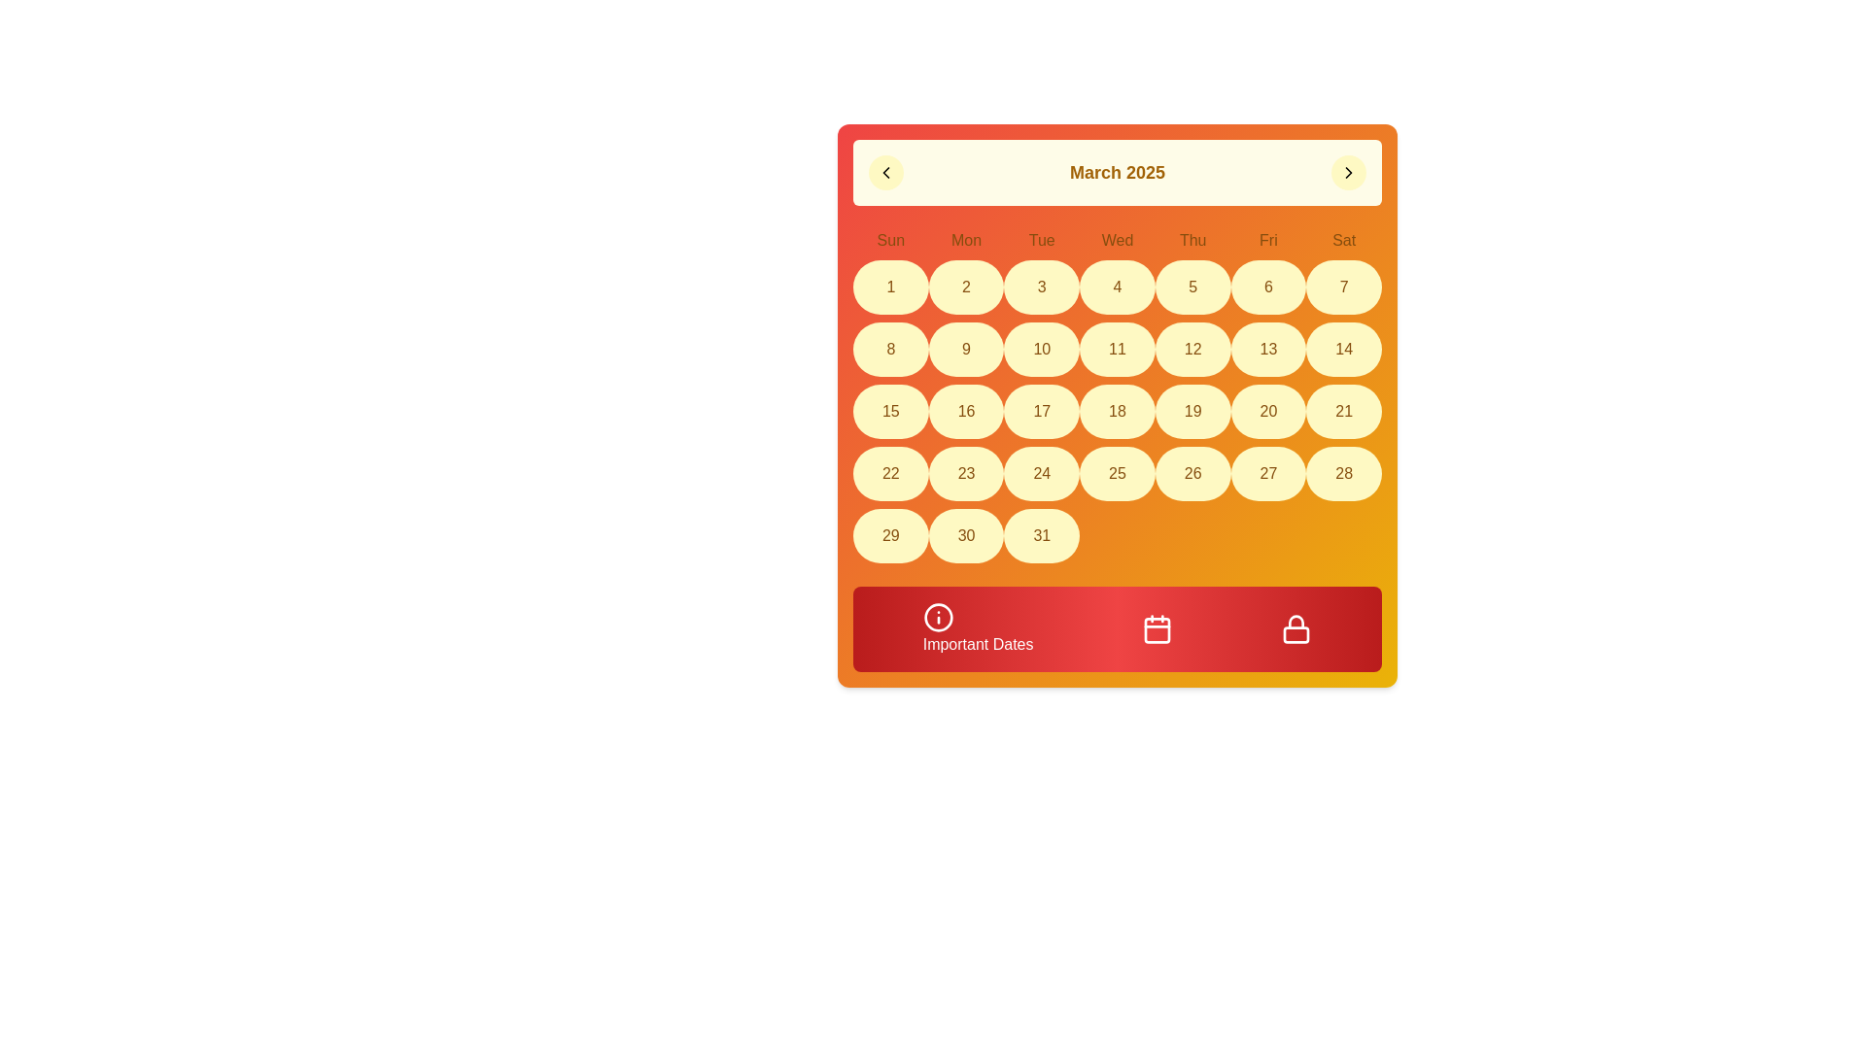 The image size is (1866, 1049). Describe the element at coordinates (966, 288) in the screenshot. I see `the circular button with a yellow background and the digit '2' in brown font` at that location.